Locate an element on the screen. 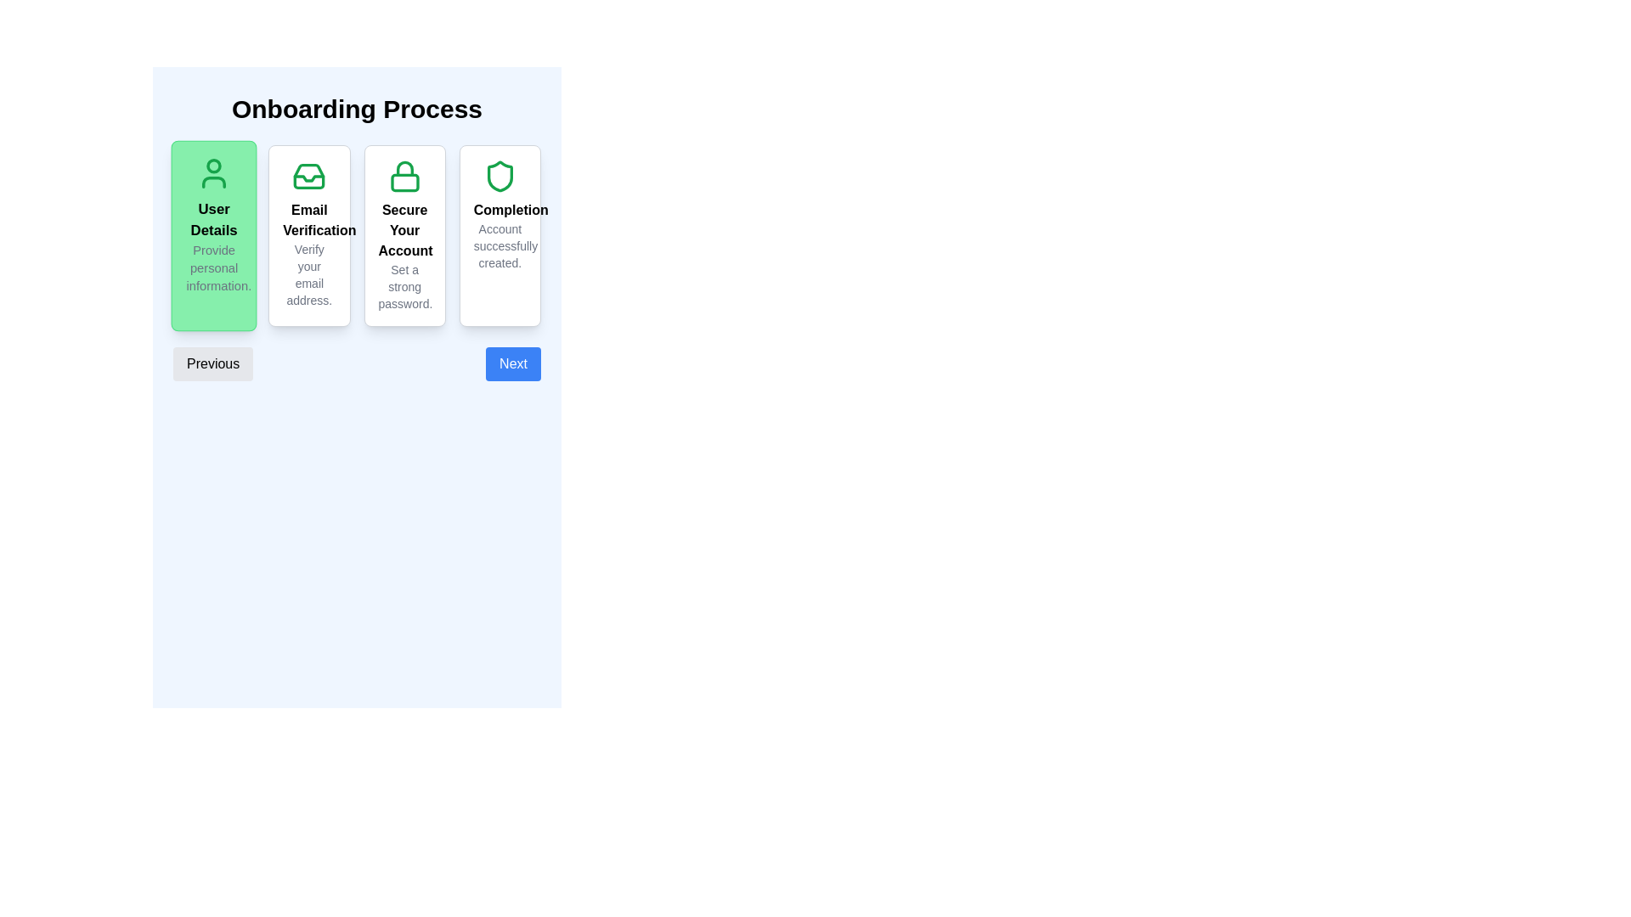  the email verification icon located in the second step of the onboarding process card, positioned above the descriptive text is located at coordinates (309, 177).